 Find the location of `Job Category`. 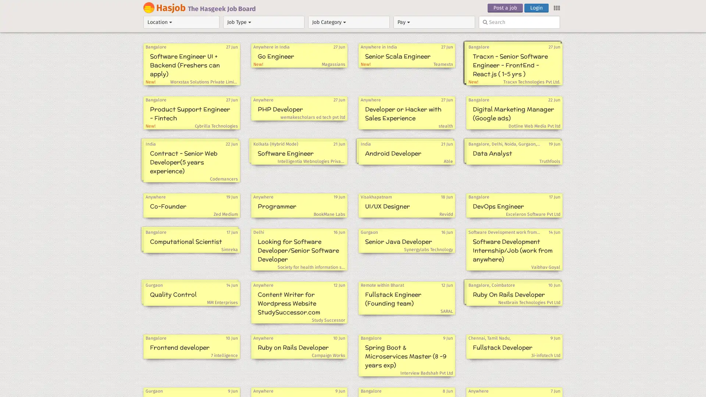

Job Category is located at coordinates (348, 22).